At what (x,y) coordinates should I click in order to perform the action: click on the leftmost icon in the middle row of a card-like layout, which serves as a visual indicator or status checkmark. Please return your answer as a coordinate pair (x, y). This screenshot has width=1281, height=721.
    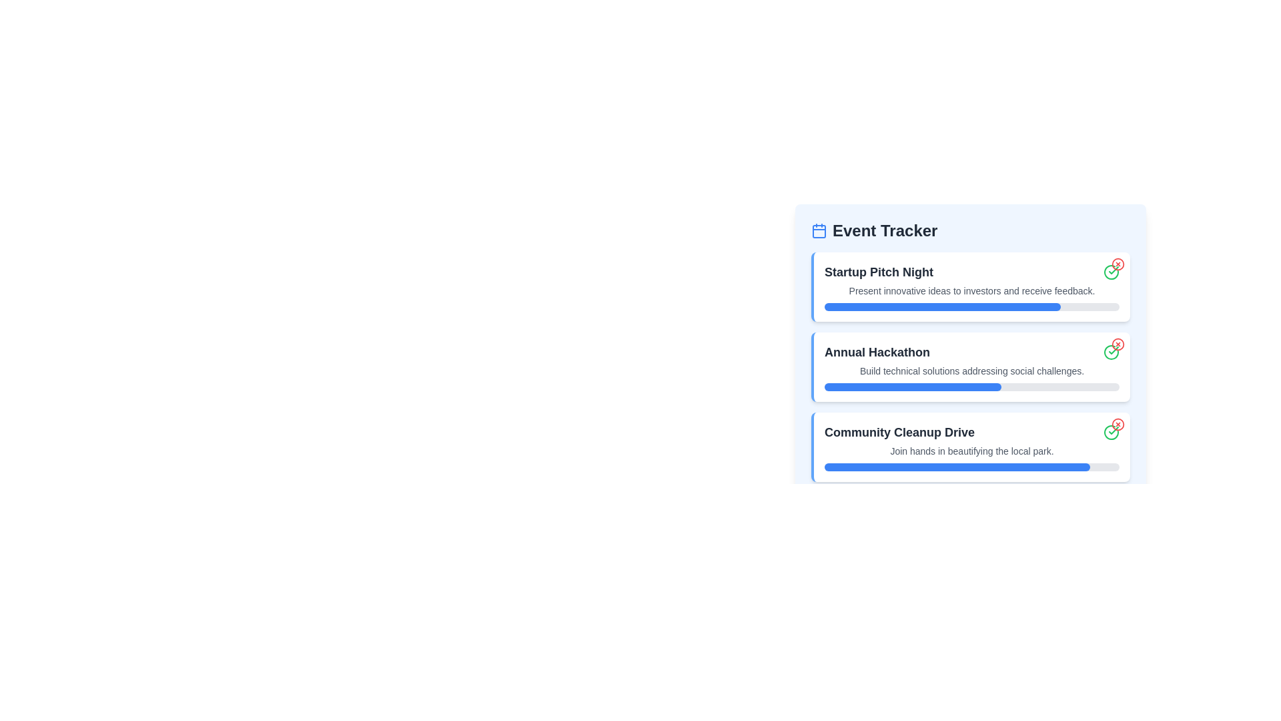
    Looking at the image, I should click on (1111, 272).